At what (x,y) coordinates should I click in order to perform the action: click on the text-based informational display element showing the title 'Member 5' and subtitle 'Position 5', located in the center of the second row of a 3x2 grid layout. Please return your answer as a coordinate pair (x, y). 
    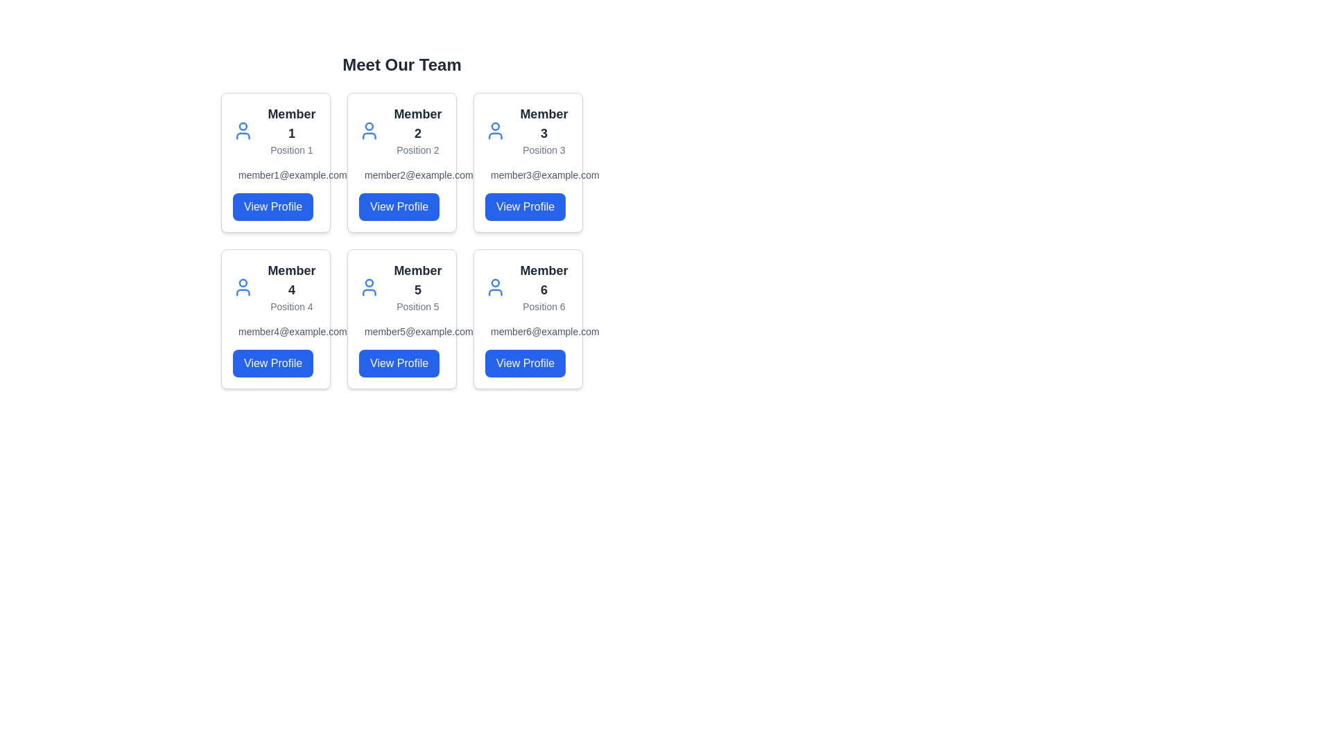
    Looking at the image, I should click on (417, 287).